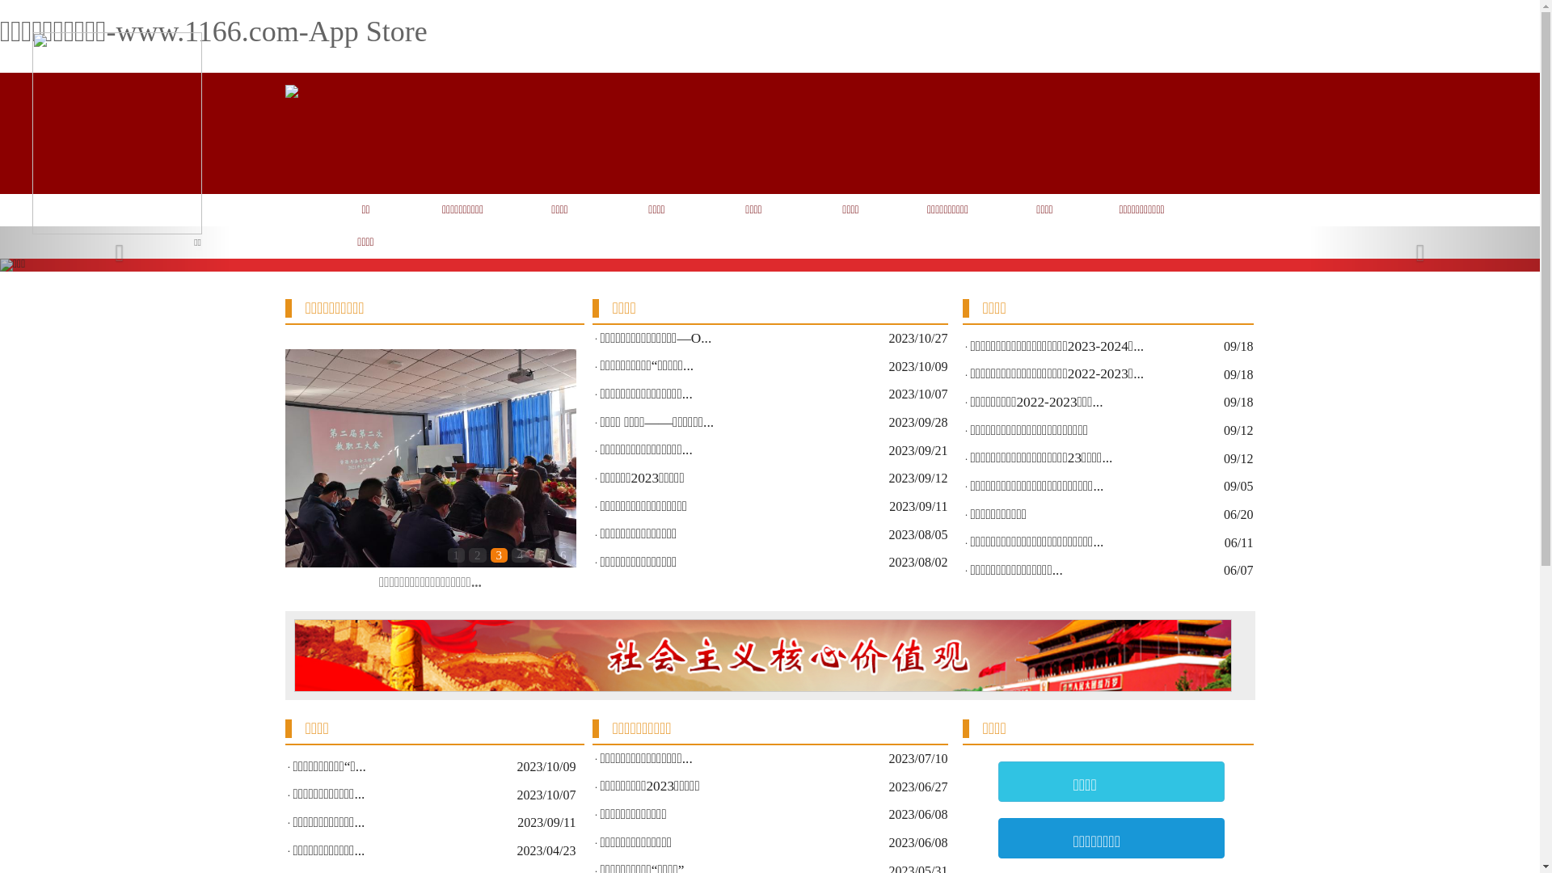  What do you see at coordinates (520, 554) in the screenshot?
I see `'4'` at bounding box center [520, 554].